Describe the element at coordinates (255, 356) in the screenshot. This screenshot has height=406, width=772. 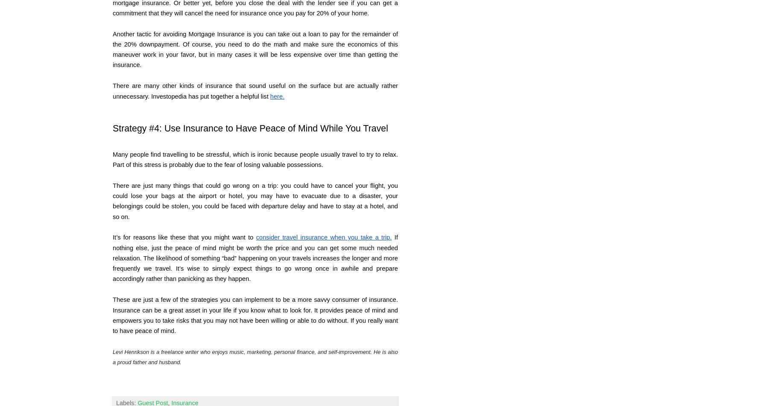
I see `'Levi Henrikson is a freelance writer who enjoys music, marketing, personal finance, and self-improvement. He is also a proud father and husband.'` at that location.